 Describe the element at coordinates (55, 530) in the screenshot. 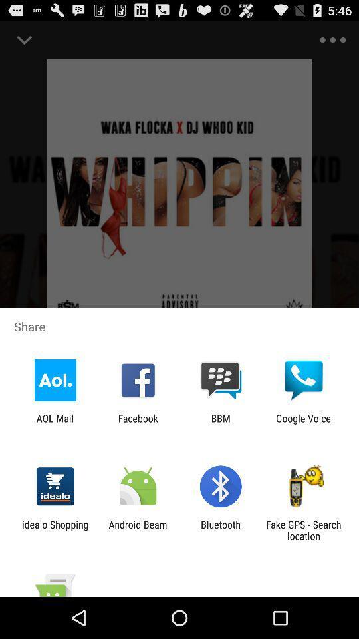

I see `the idealo shopping app` at that location.